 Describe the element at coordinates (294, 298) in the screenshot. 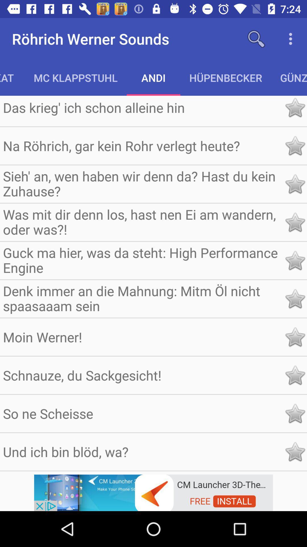

I see `favorite` at that location.